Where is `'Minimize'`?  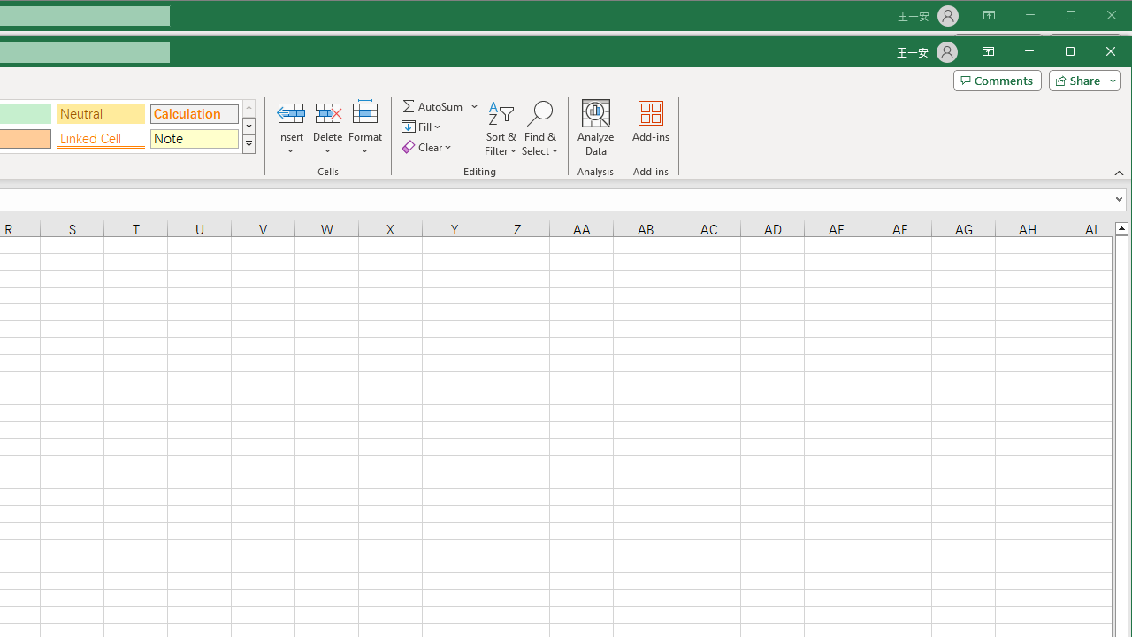
'Minimize' is located at coordinates (1075, 52).